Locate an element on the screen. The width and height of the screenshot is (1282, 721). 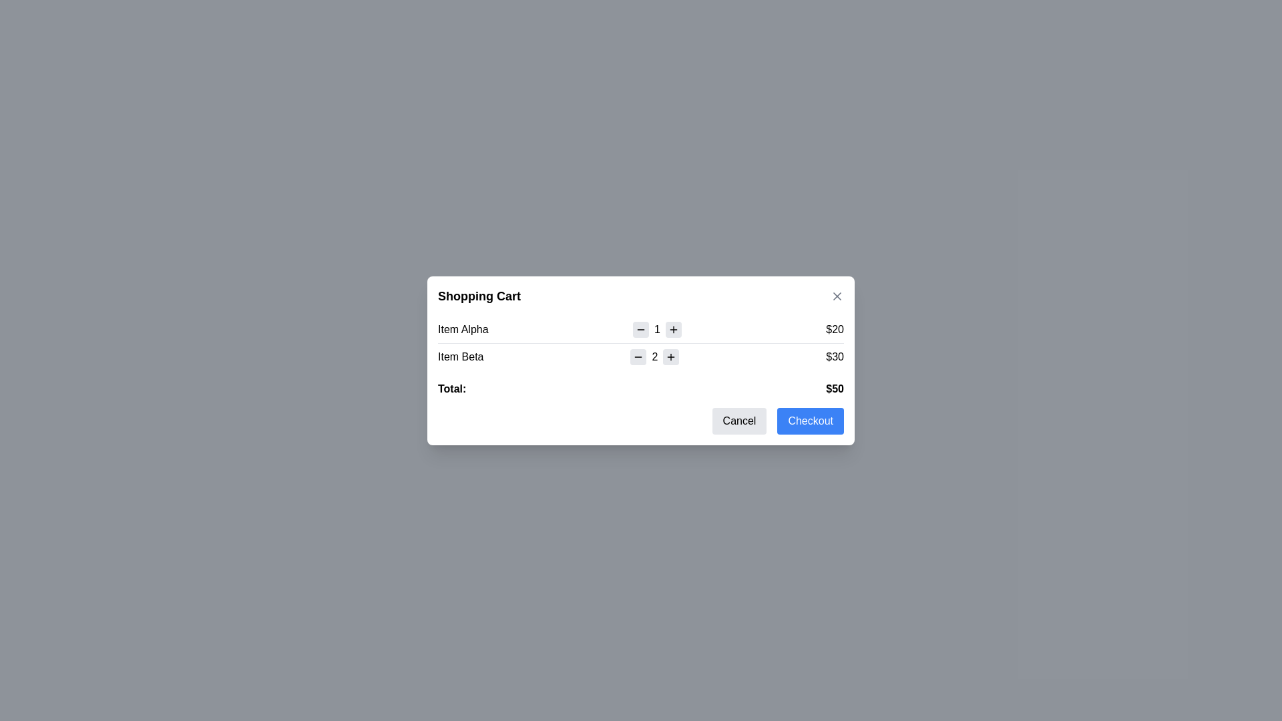
the minus button to decrease the quantity of 'Item Alpha' in the shopping cart, which is the first item listed is located at coordinates (641, 329).